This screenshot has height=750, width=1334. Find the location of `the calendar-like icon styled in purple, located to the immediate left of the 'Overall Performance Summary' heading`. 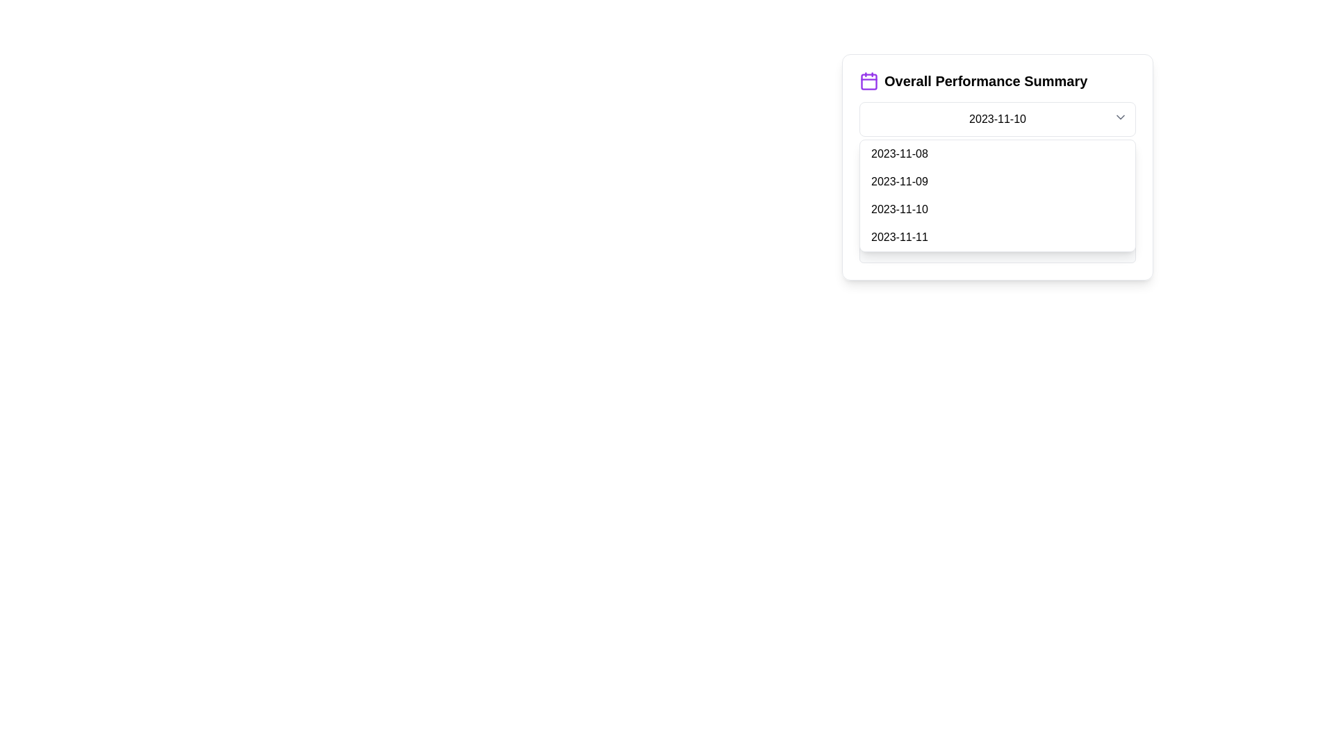

the calendar-like icon styled in purple, located to the immediate left of the 'Overall Performance Summary' heading is located at coordinates (868, 81).